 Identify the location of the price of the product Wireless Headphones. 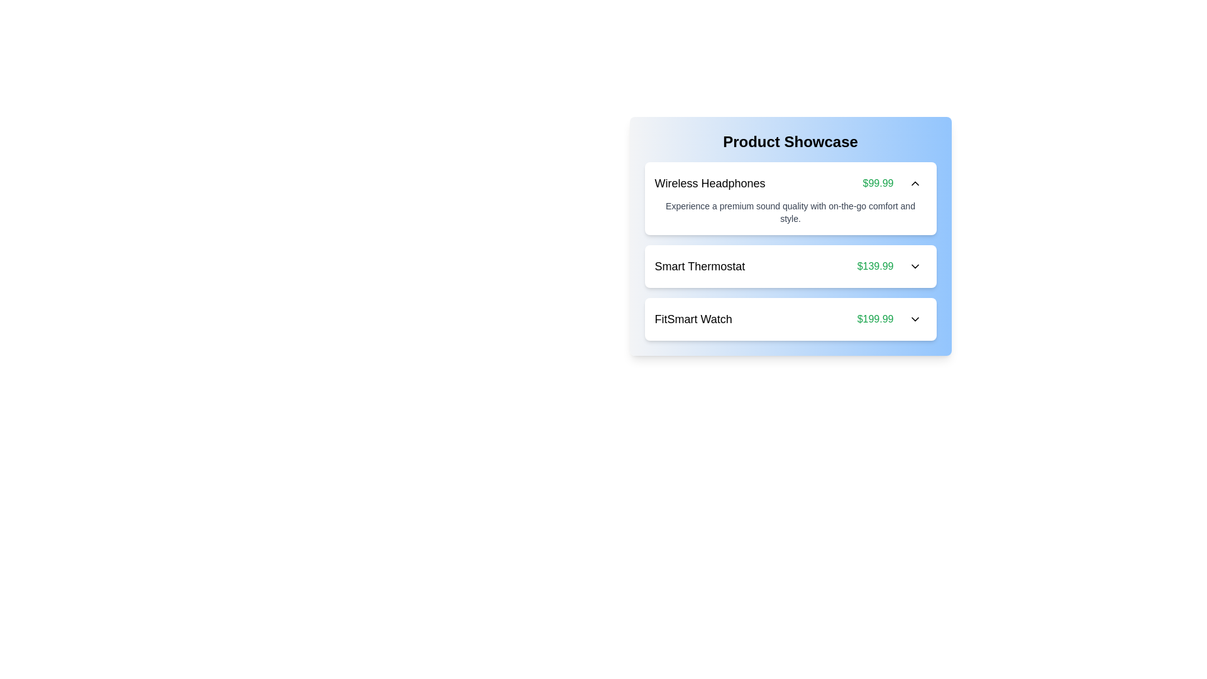
(877, 184).